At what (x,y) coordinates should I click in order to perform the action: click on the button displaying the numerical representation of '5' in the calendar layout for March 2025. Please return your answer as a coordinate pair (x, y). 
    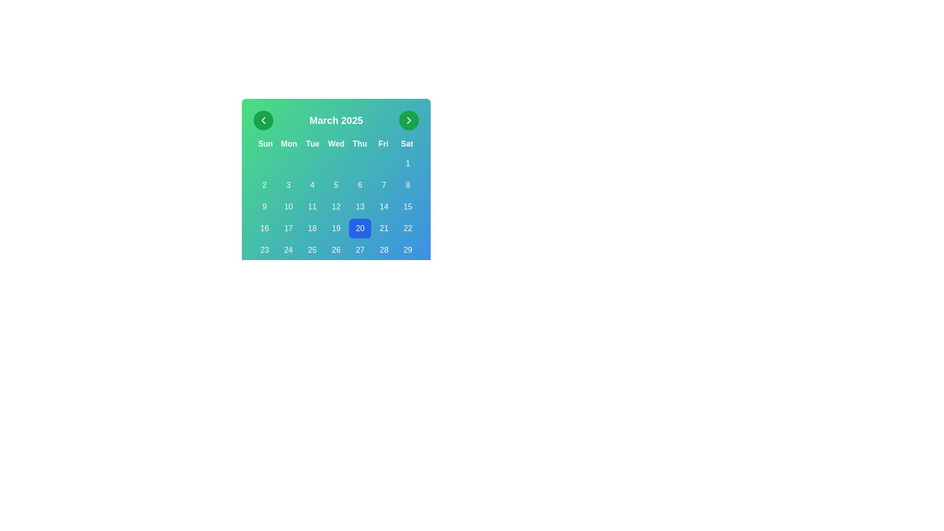
    Looking at the image, I should click on (336, 185).